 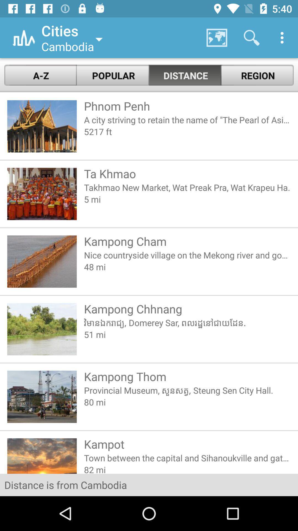 I want to click on the 82 mi item, so click(x=187, y=468).